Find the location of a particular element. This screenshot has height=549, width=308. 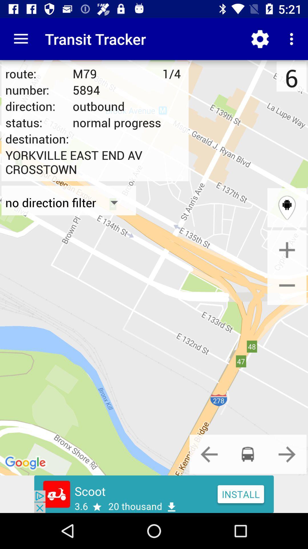

item is located at coordinates (287, 250).